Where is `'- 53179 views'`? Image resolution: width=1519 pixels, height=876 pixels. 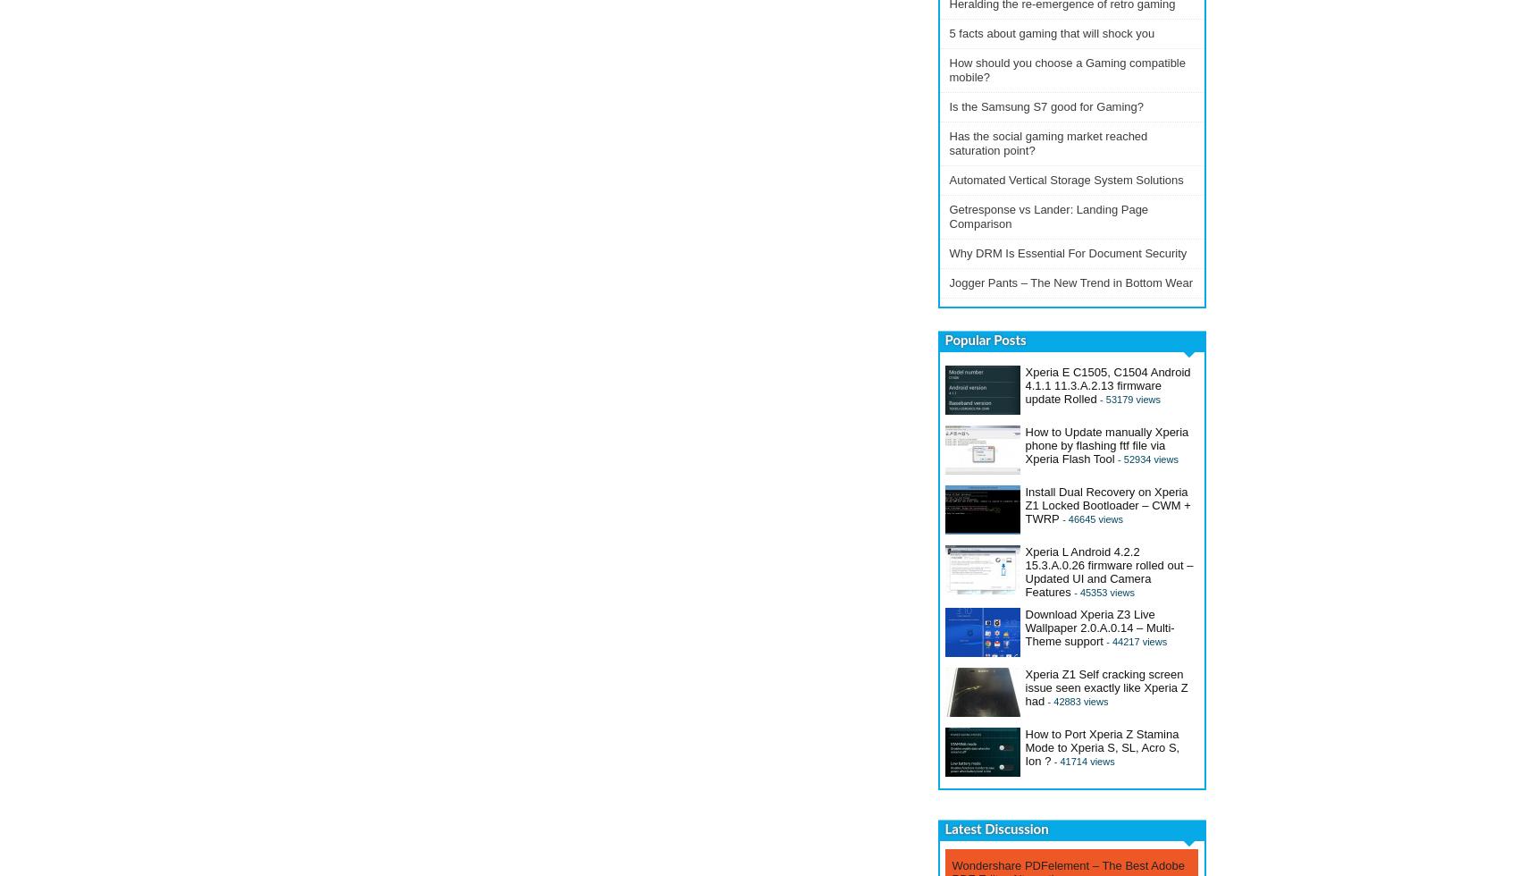 '- 53179 views' is located at coordinates (1129, 399).